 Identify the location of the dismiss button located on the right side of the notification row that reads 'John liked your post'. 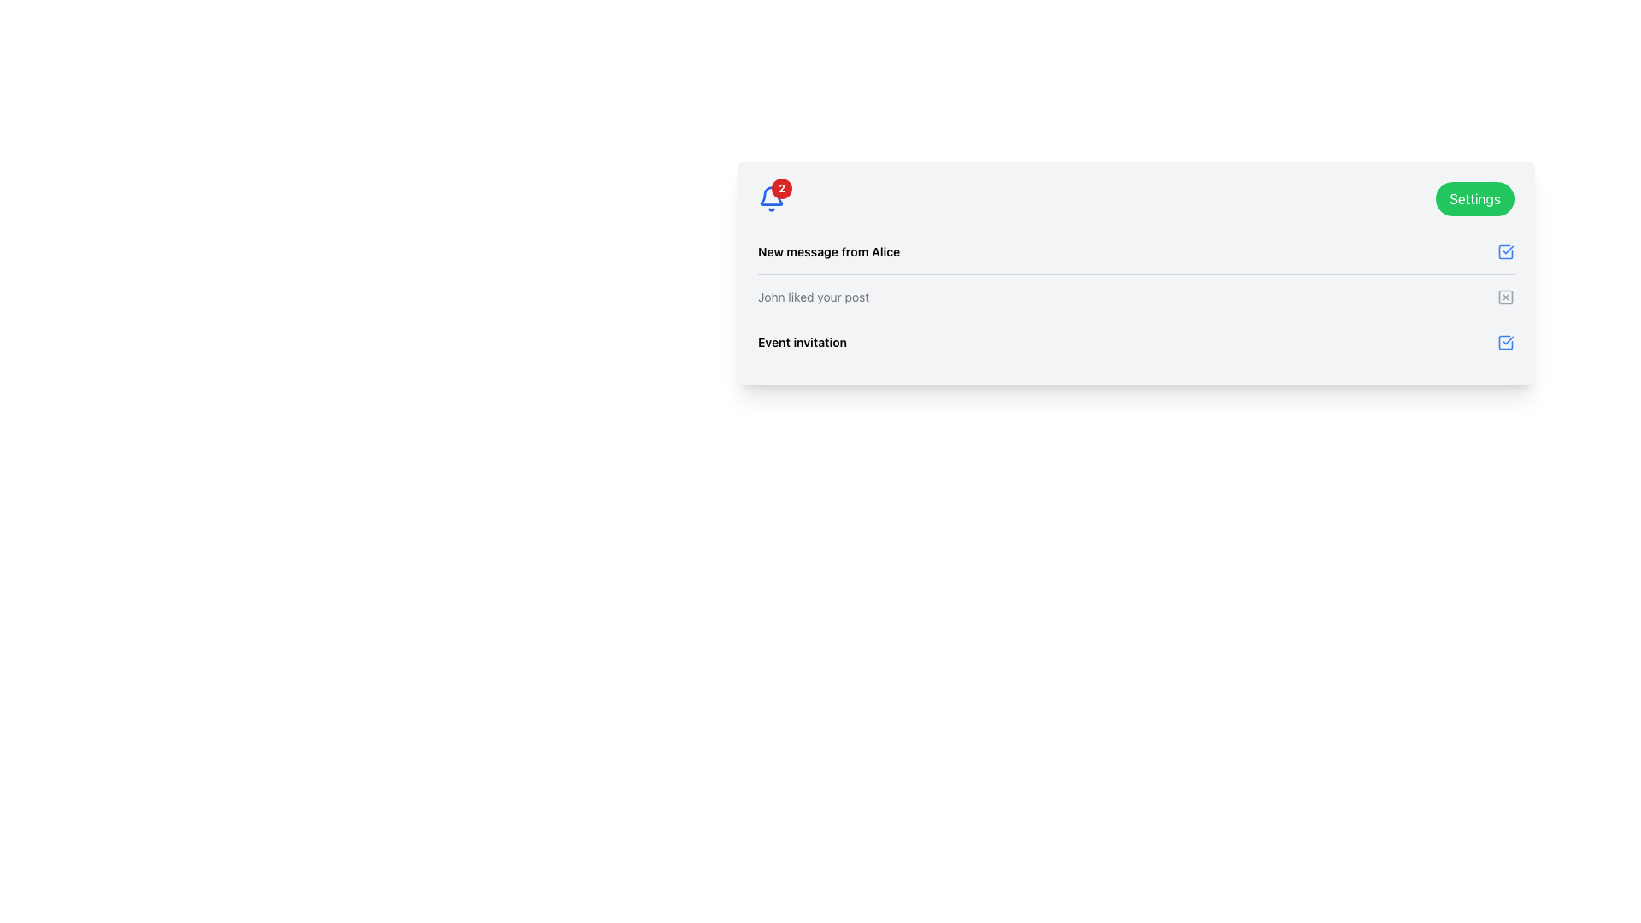
(1505, 296).